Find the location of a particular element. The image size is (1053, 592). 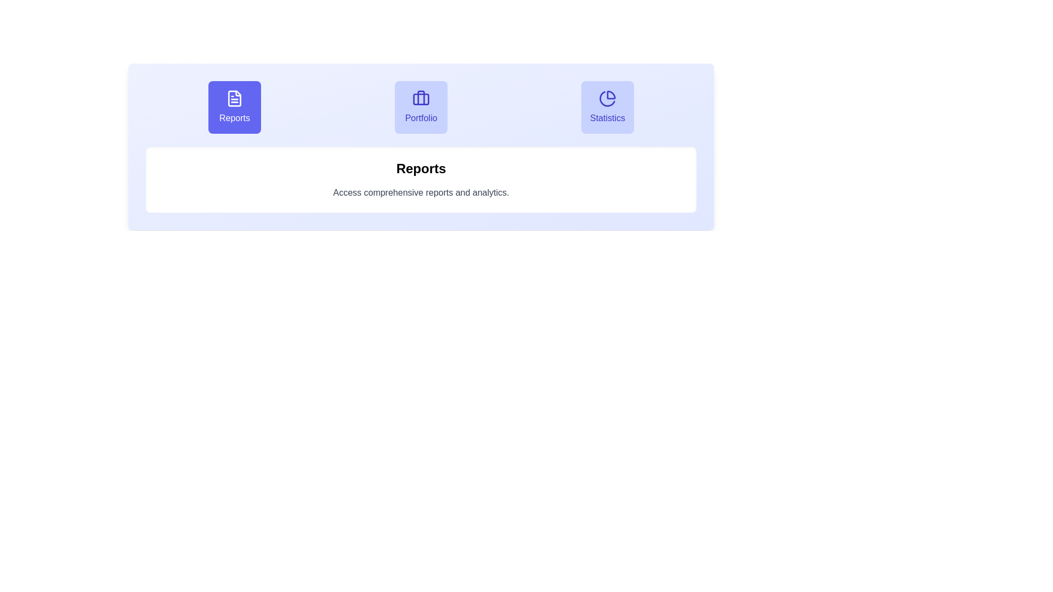

the Statistics tab is located at coordinates (607, 107).